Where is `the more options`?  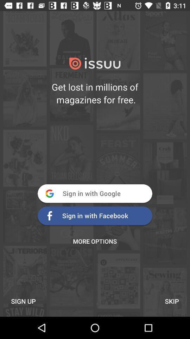
the more options is located at coordinates (95, 241).